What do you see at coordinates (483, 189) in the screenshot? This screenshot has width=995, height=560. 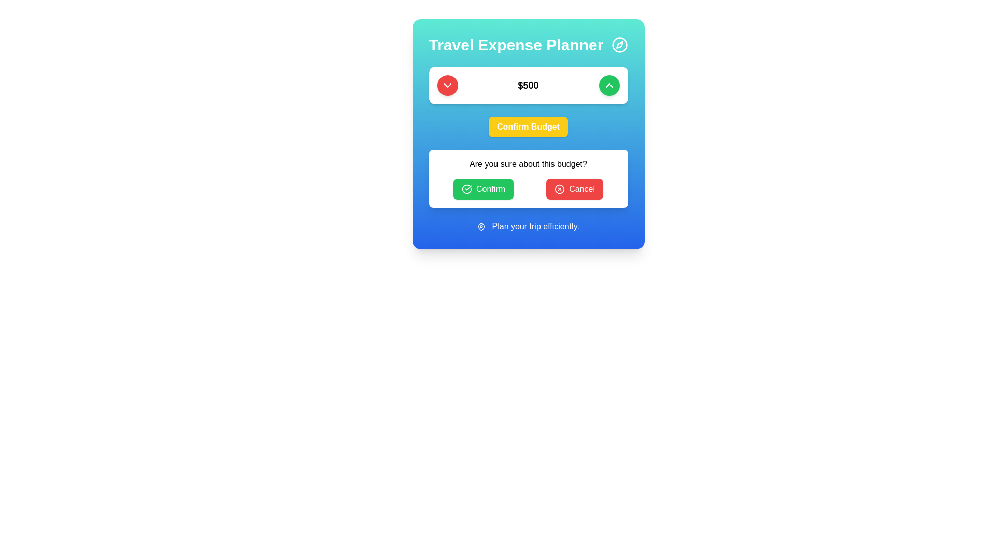 I see `the confirm button located in the lower portion of the interface within a card-like component, which is the first of two horizontally aligned buttons` at bounding box center [483, 189].